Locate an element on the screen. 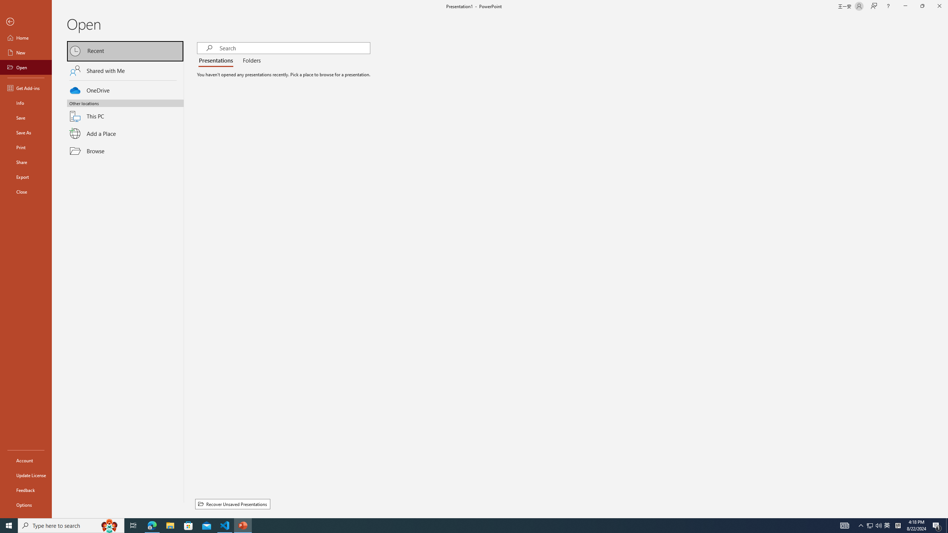 This screenshot has height=533, width=948. 'Recover Unsaved Presentations' is located at coordinates (232, 504).